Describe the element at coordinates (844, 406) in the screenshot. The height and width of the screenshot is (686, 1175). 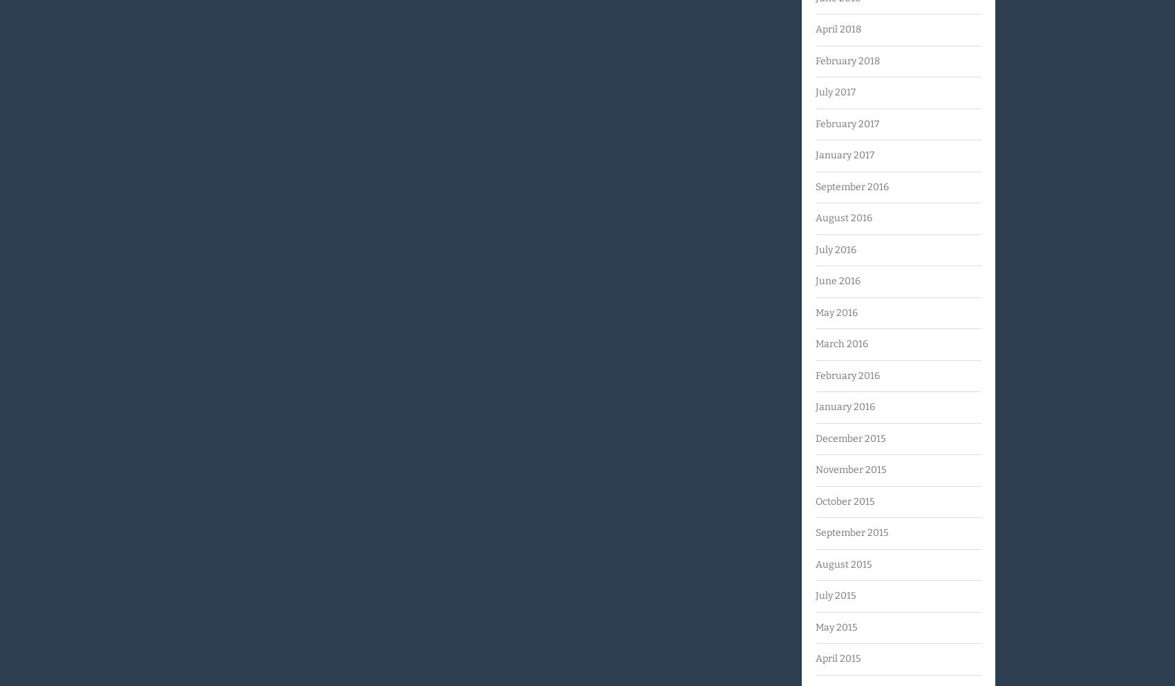
I see `'January 2016'` at that location.